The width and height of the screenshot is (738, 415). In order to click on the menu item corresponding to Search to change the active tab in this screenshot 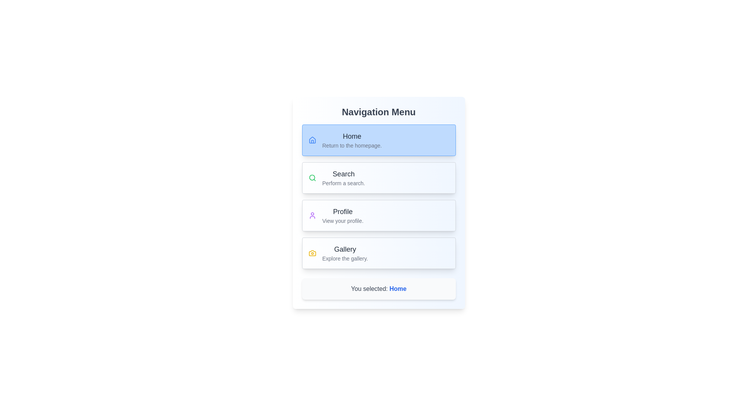, I will do `click(379, 178)`.